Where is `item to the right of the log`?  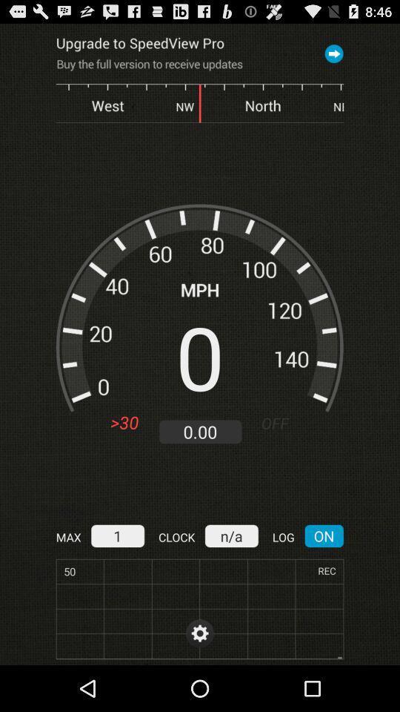
item to the right of the log is located at coordinates (323, 535).